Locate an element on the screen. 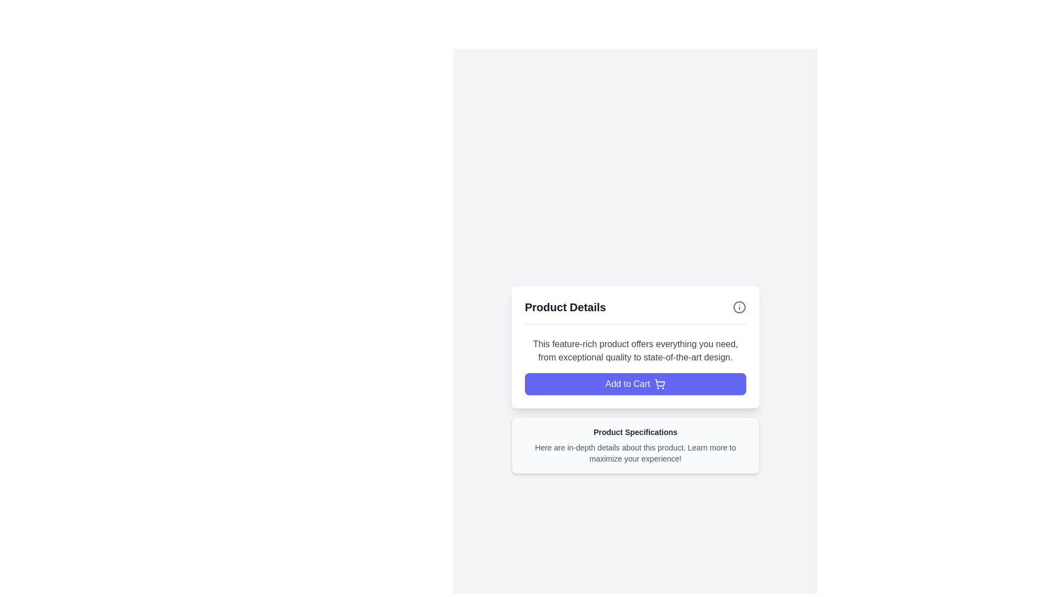  the information icon located to the far right of the 'Product Details' heading is located at coordinates (740, 307).